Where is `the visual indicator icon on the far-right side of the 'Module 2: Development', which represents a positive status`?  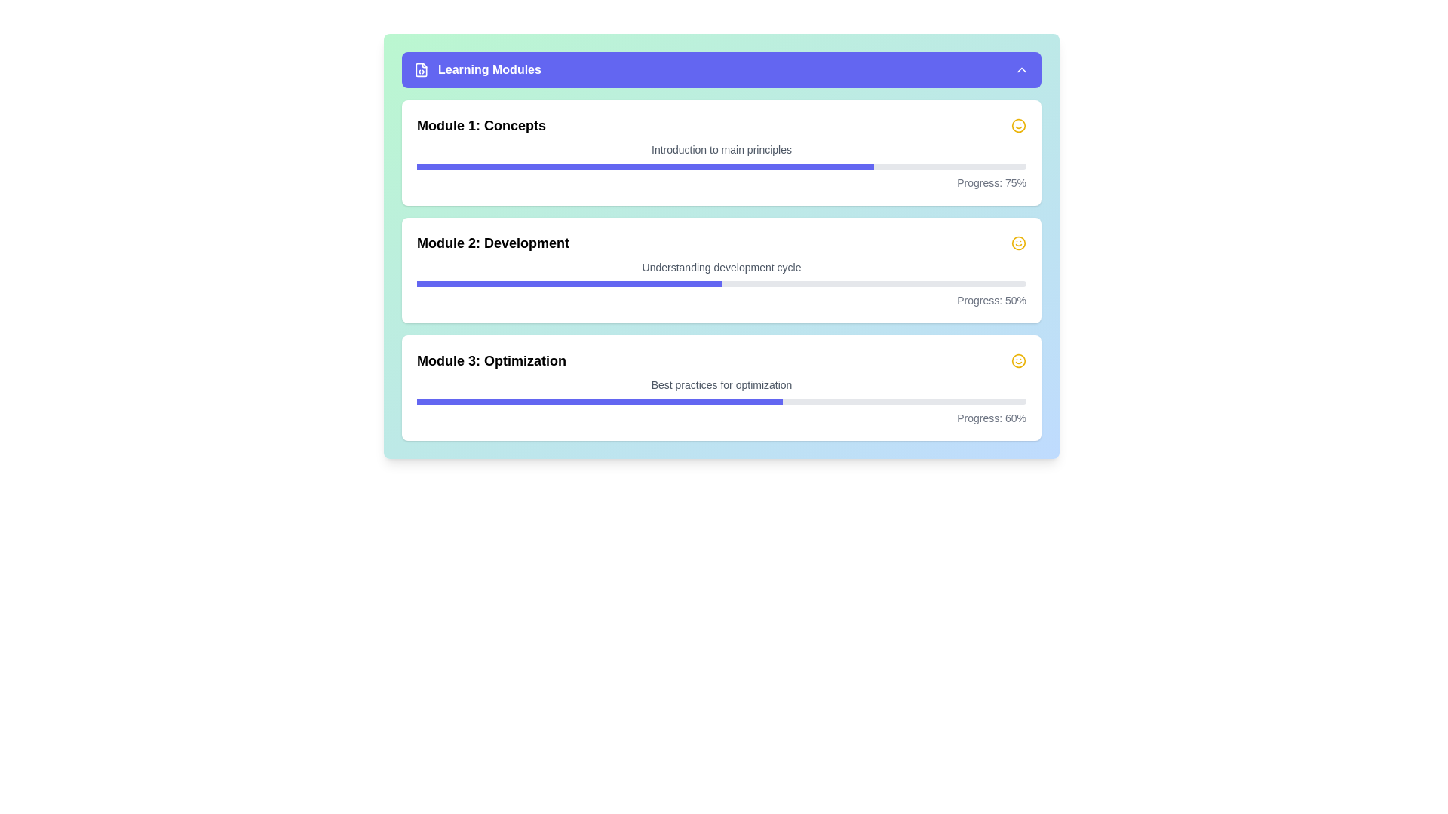
the visual indicator icon on the far-right side of the 'Module 2: Development', which represents a positive status is located at coordinates (1018, 243).